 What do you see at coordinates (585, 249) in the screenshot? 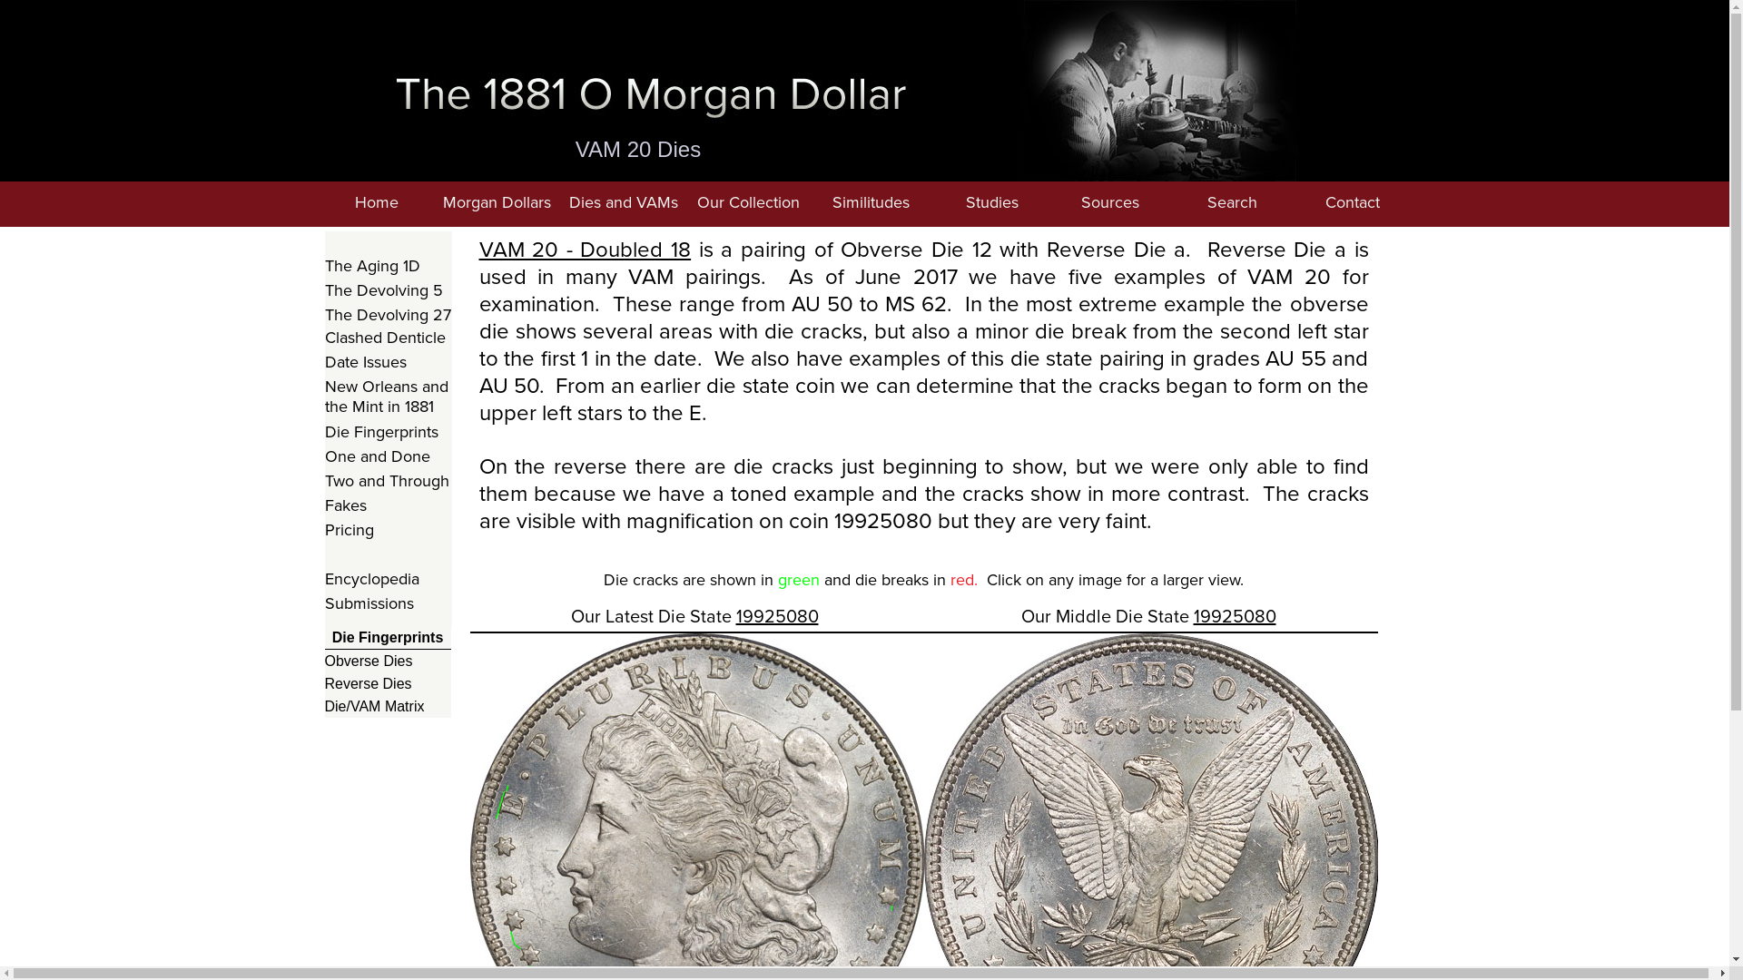
I see `'VAM 20 - Doubled 18'` at bounding box center [585, 249].